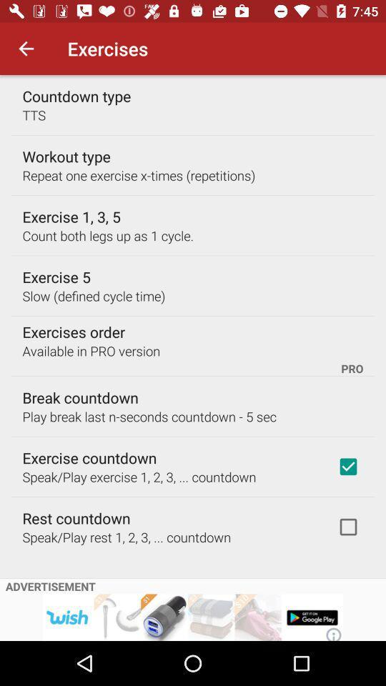 The height and width of the screenshot is (686, 386). What do you see at coordinates (347, 526) in the screenshot?
I see `mark option` at bounding box center [347, 526].